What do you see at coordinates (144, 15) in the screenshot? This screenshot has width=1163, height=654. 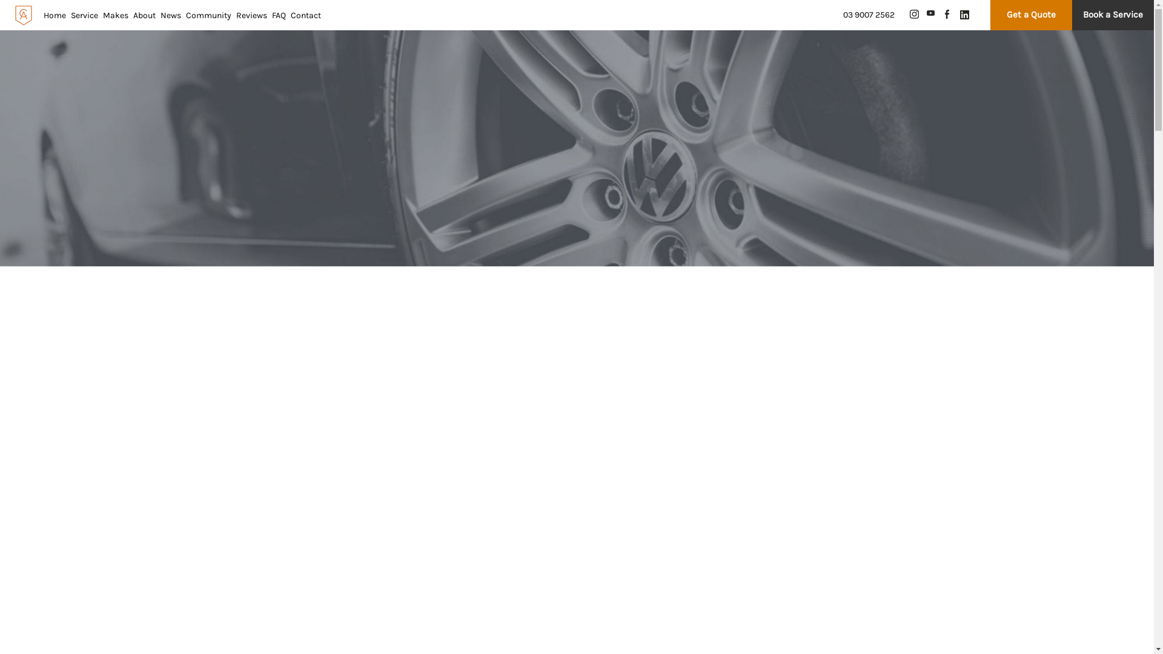 I see `'About'` at bounding box center [144, 15].